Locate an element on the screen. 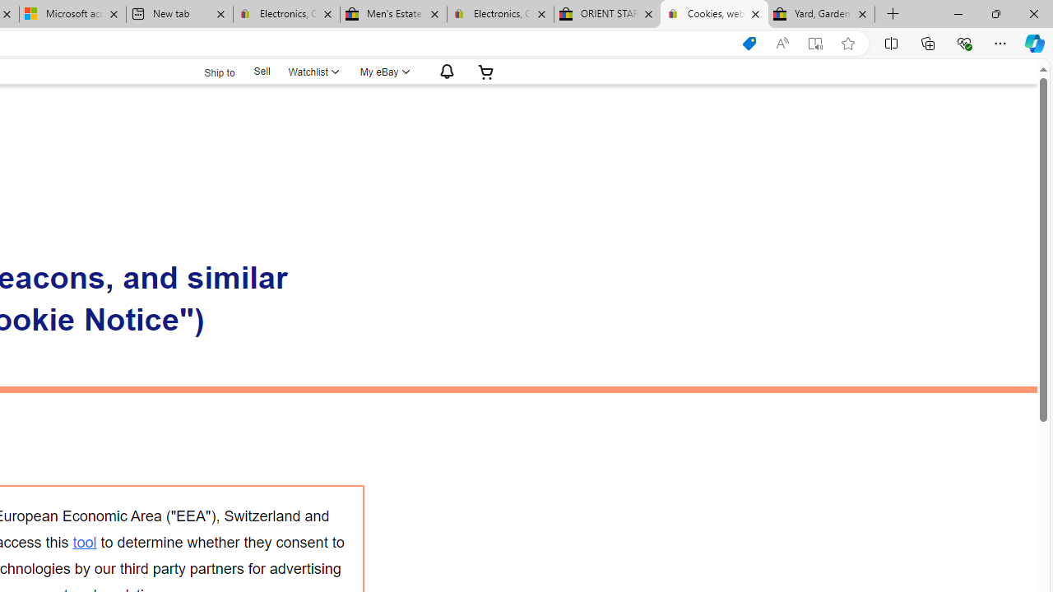 Image resolution: width=1053 pixels, height=592 pixels. 'Sell' is located at coordinates (261, 71).